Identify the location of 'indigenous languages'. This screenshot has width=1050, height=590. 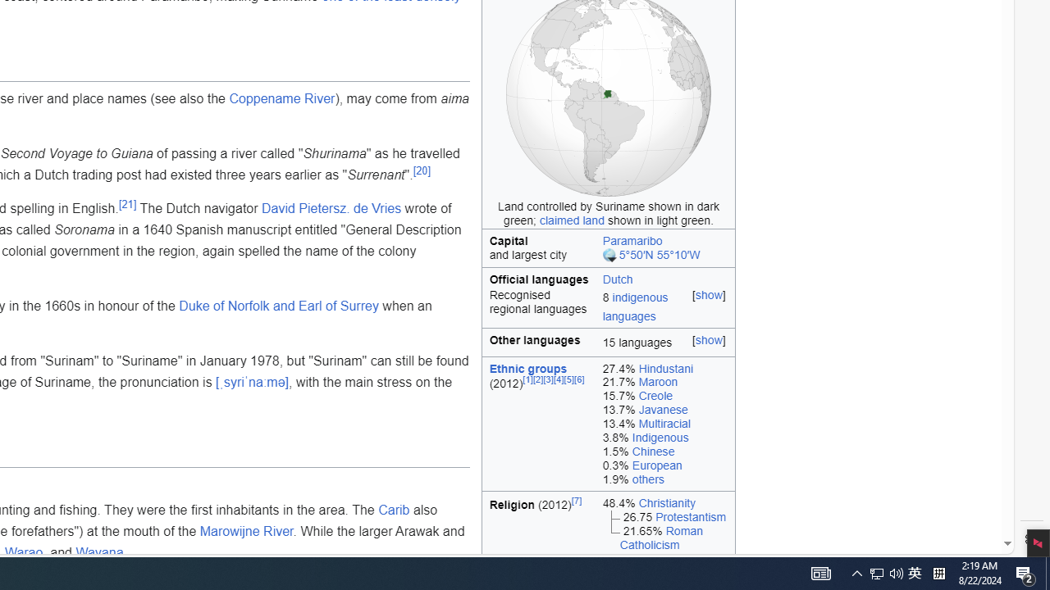
(634, 306).